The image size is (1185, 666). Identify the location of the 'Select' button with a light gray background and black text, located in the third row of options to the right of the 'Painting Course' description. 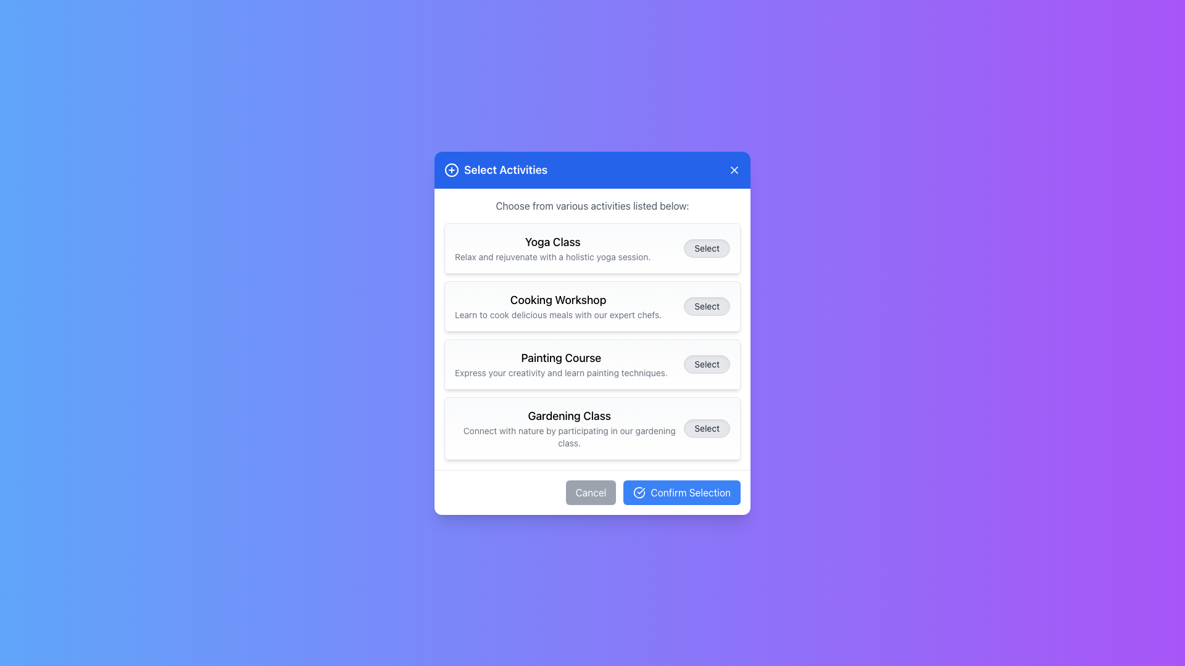
(707, 363).